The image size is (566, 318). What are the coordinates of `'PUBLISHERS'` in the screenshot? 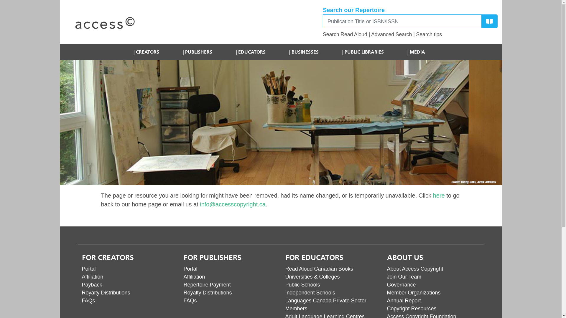 It's located at (177, 52).